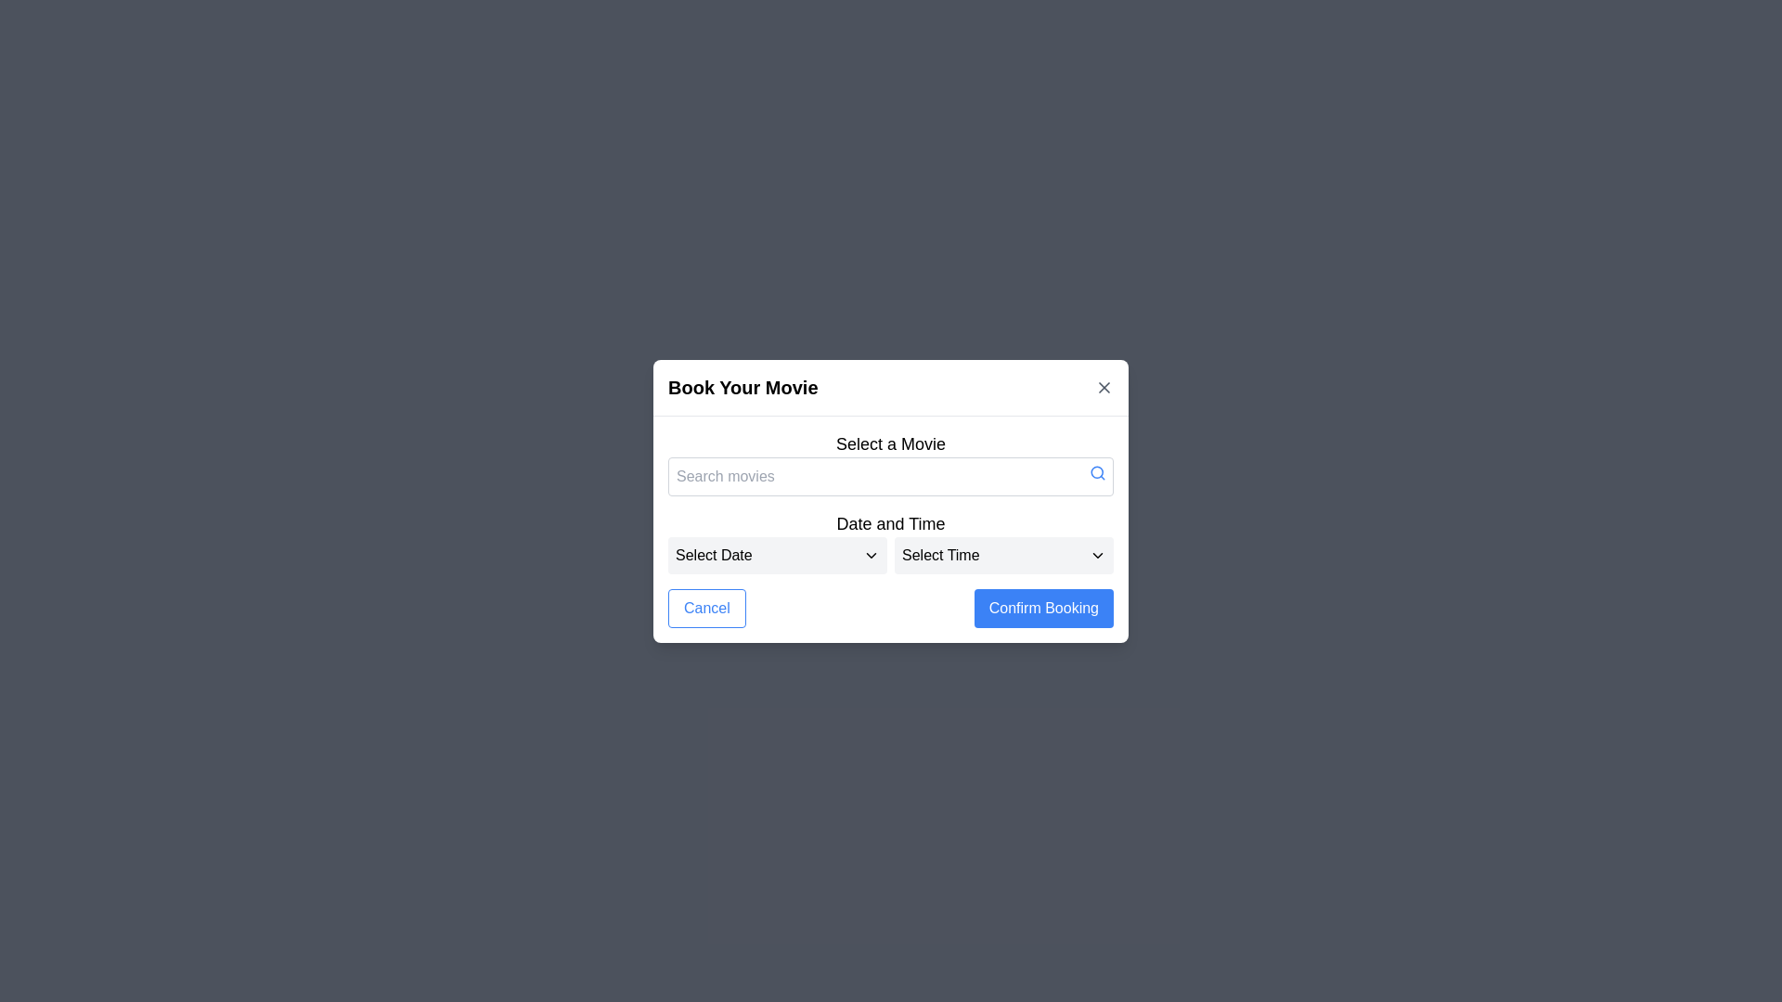 The width and height of the screenshot is (1782, 1002). Describe the element at coordinates (1002, 554) in the screenshot. I see `the 'Select Time' dropdown menu trigger, which is a horizontal rectangular section with a light grey background and rounded corners` at that location.